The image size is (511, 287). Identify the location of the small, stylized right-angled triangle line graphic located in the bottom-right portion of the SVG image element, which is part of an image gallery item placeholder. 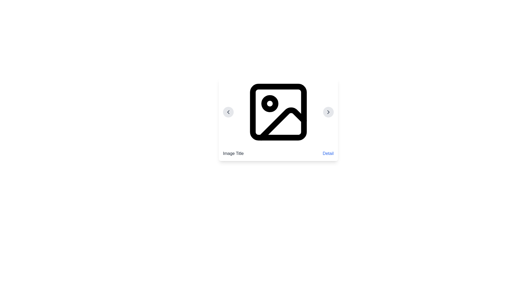
(282, 124).